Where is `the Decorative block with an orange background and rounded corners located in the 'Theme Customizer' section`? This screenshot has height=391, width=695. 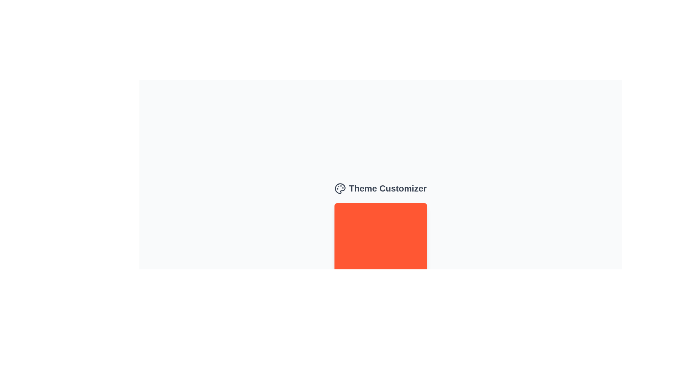
the Decorative block with an orange background and rounded corners located in the 'Theme Customizer' section is located at coordinates (380, 249).